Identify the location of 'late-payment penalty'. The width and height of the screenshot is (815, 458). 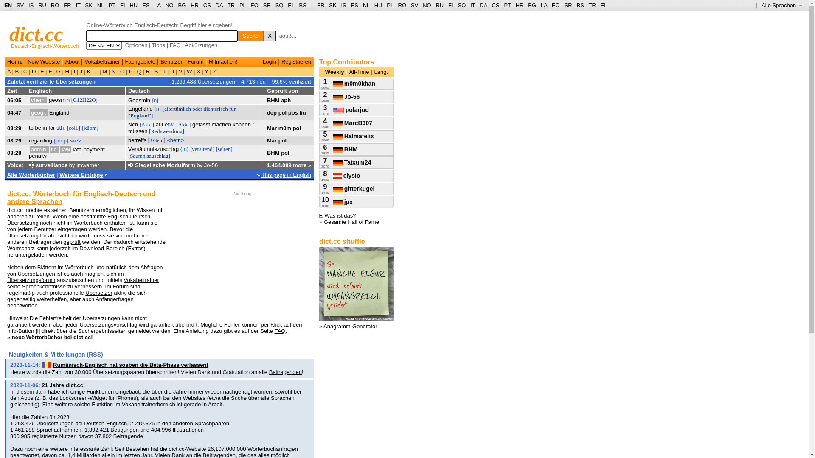
(28, 152).